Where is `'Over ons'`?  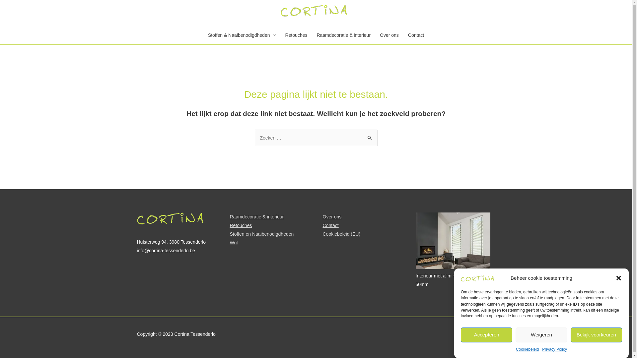 'Over ons' is located at coordinates (332, 217).